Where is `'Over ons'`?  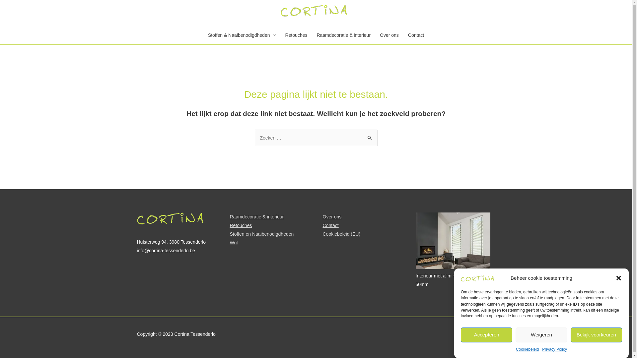 'Over ons' is located at coordinates (332, 217).